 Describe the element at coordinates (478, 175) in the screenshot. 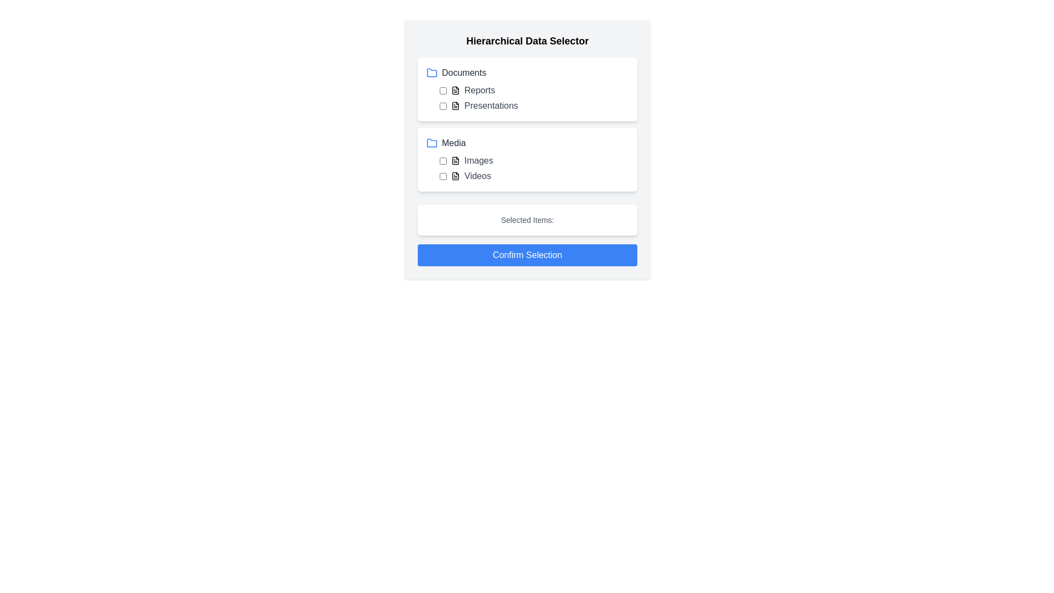

I see `the 'Videos' text label displayed in gray font, located in the bottom-left section of the hierarchical data selector interface, aligned to the right of a document icon` at that location.